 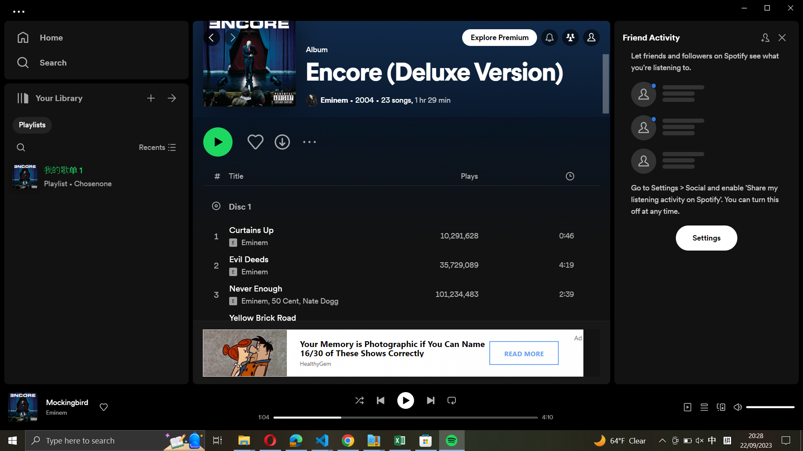 I want to click on Return to the initial part of the song currently playing, so click(x=280, y=417).